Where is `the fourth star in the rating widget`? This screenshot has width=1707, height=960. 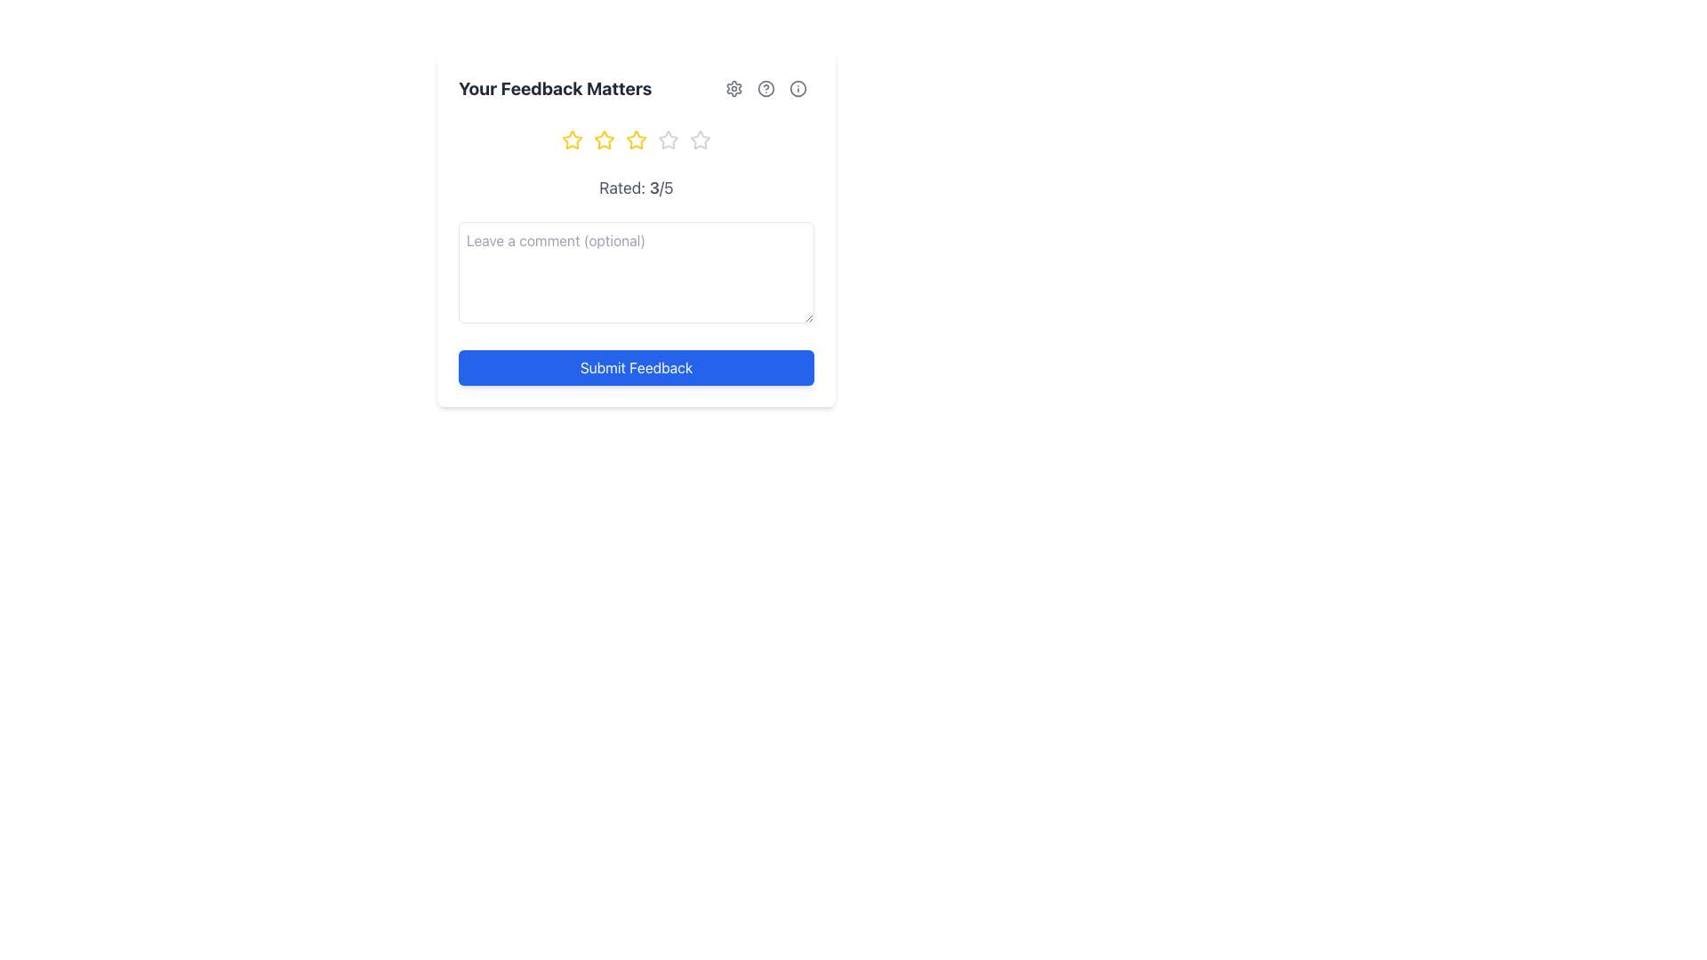 the fourth star in the rating widget is located at coordinates (699, 139).